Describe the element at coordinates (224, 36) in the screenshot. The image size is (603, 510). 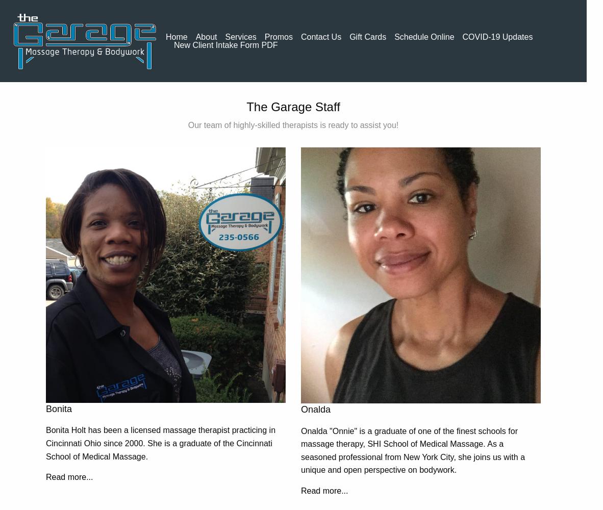
I see `'Services'` at that location.